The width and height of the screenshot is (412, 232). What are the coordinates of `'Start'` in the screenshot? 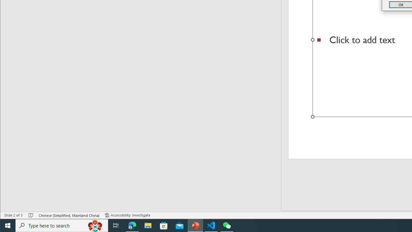 It's located at (8, 225).